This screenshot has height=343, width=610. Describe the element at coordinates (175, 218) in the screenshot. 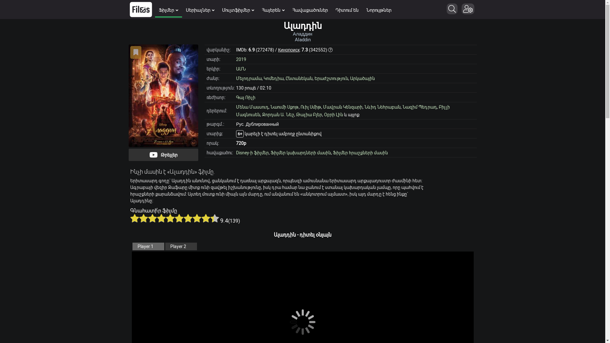

I see `'6'` at that location.